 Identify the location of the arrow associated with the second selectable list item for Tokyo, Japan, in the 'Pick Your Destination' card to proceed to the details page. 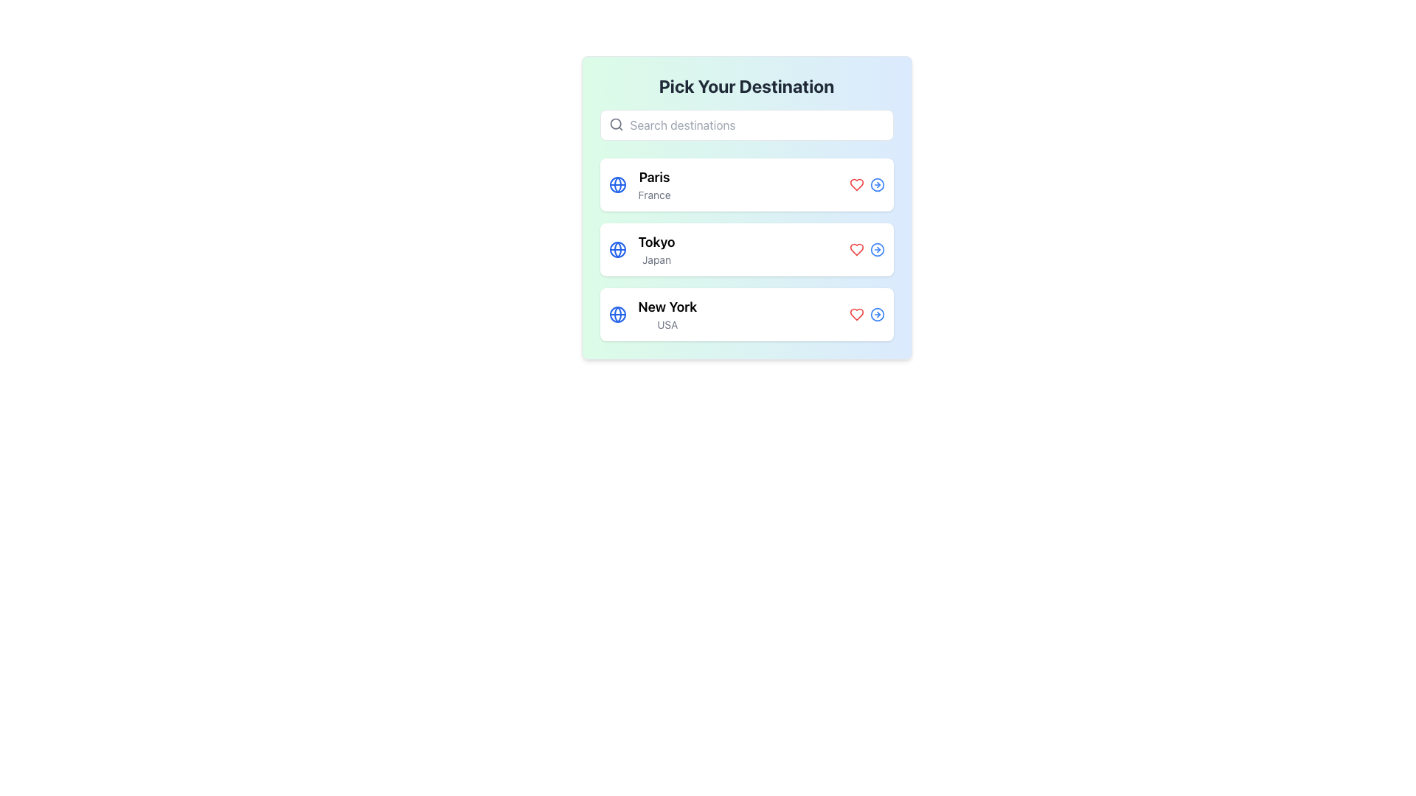
(746, 249).